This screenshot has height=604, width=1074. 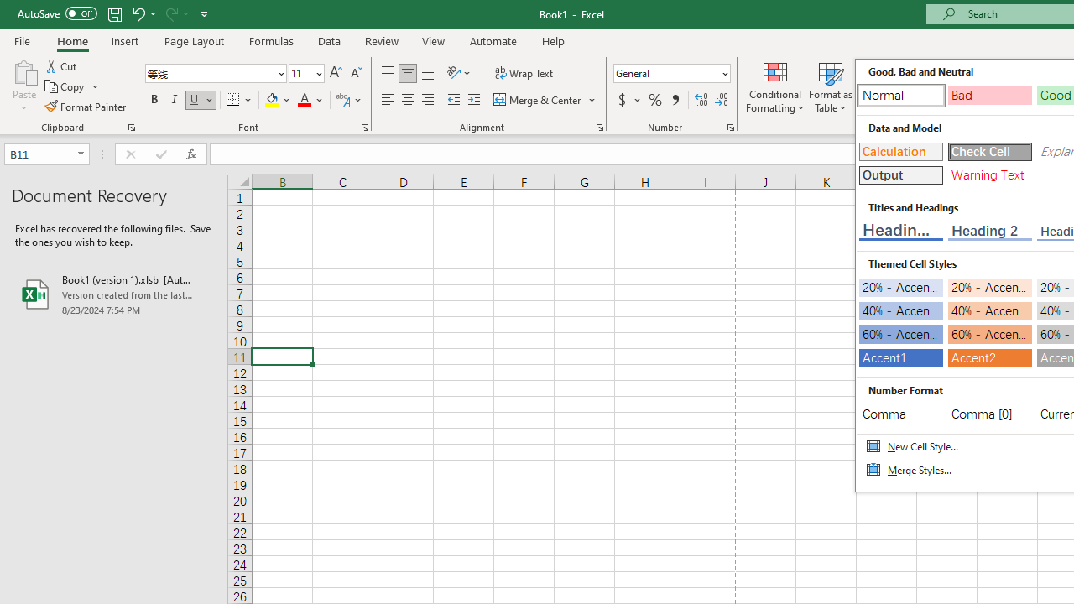 I want to click on 'Merge & Center', so click(x=545, y=100).